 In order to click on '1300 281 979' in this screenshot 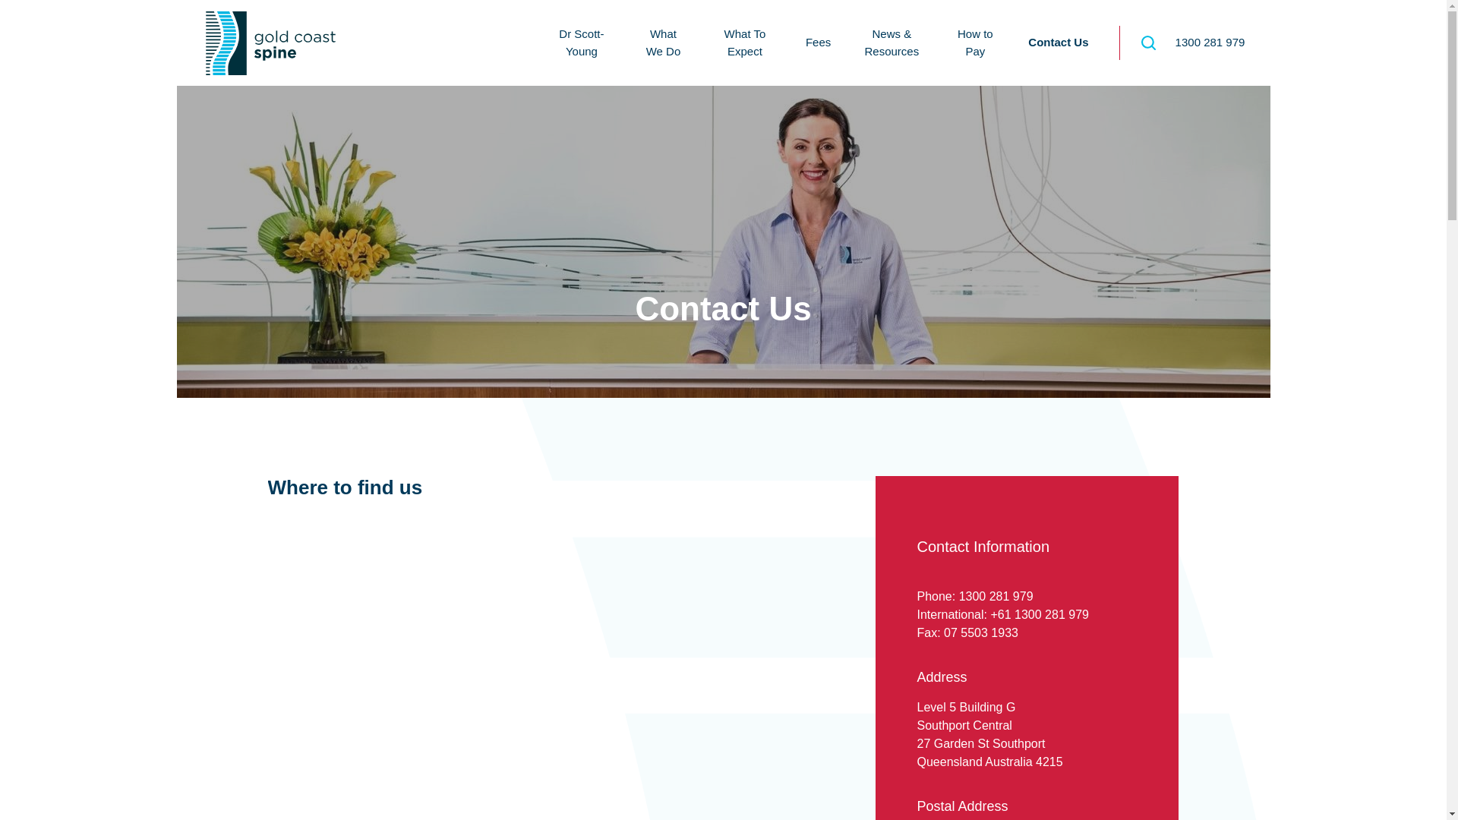, I will do `click(1209, 42)`.